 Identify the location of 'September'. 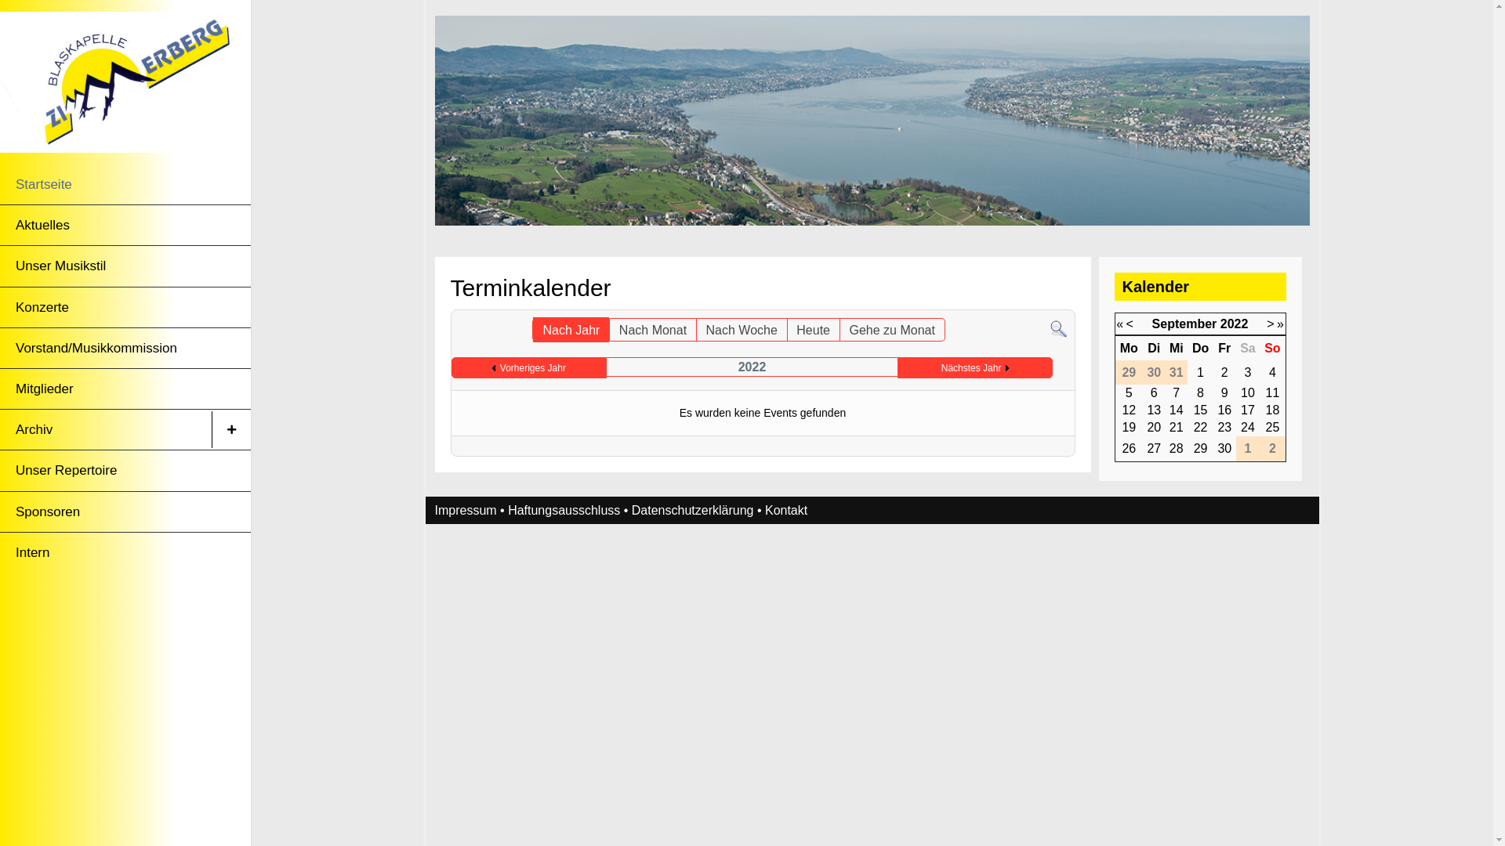
(1184, 323).